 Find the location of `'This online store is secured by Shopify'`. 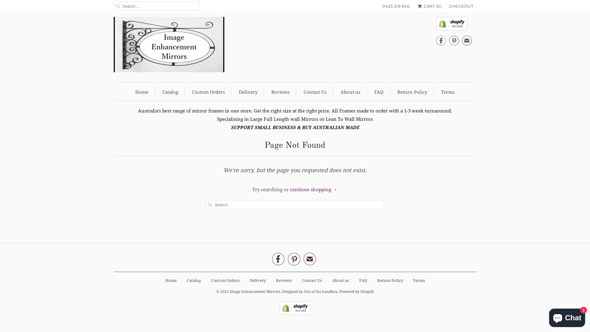

'This online store is secured by Shopify' is located at coordinates (279, 313).